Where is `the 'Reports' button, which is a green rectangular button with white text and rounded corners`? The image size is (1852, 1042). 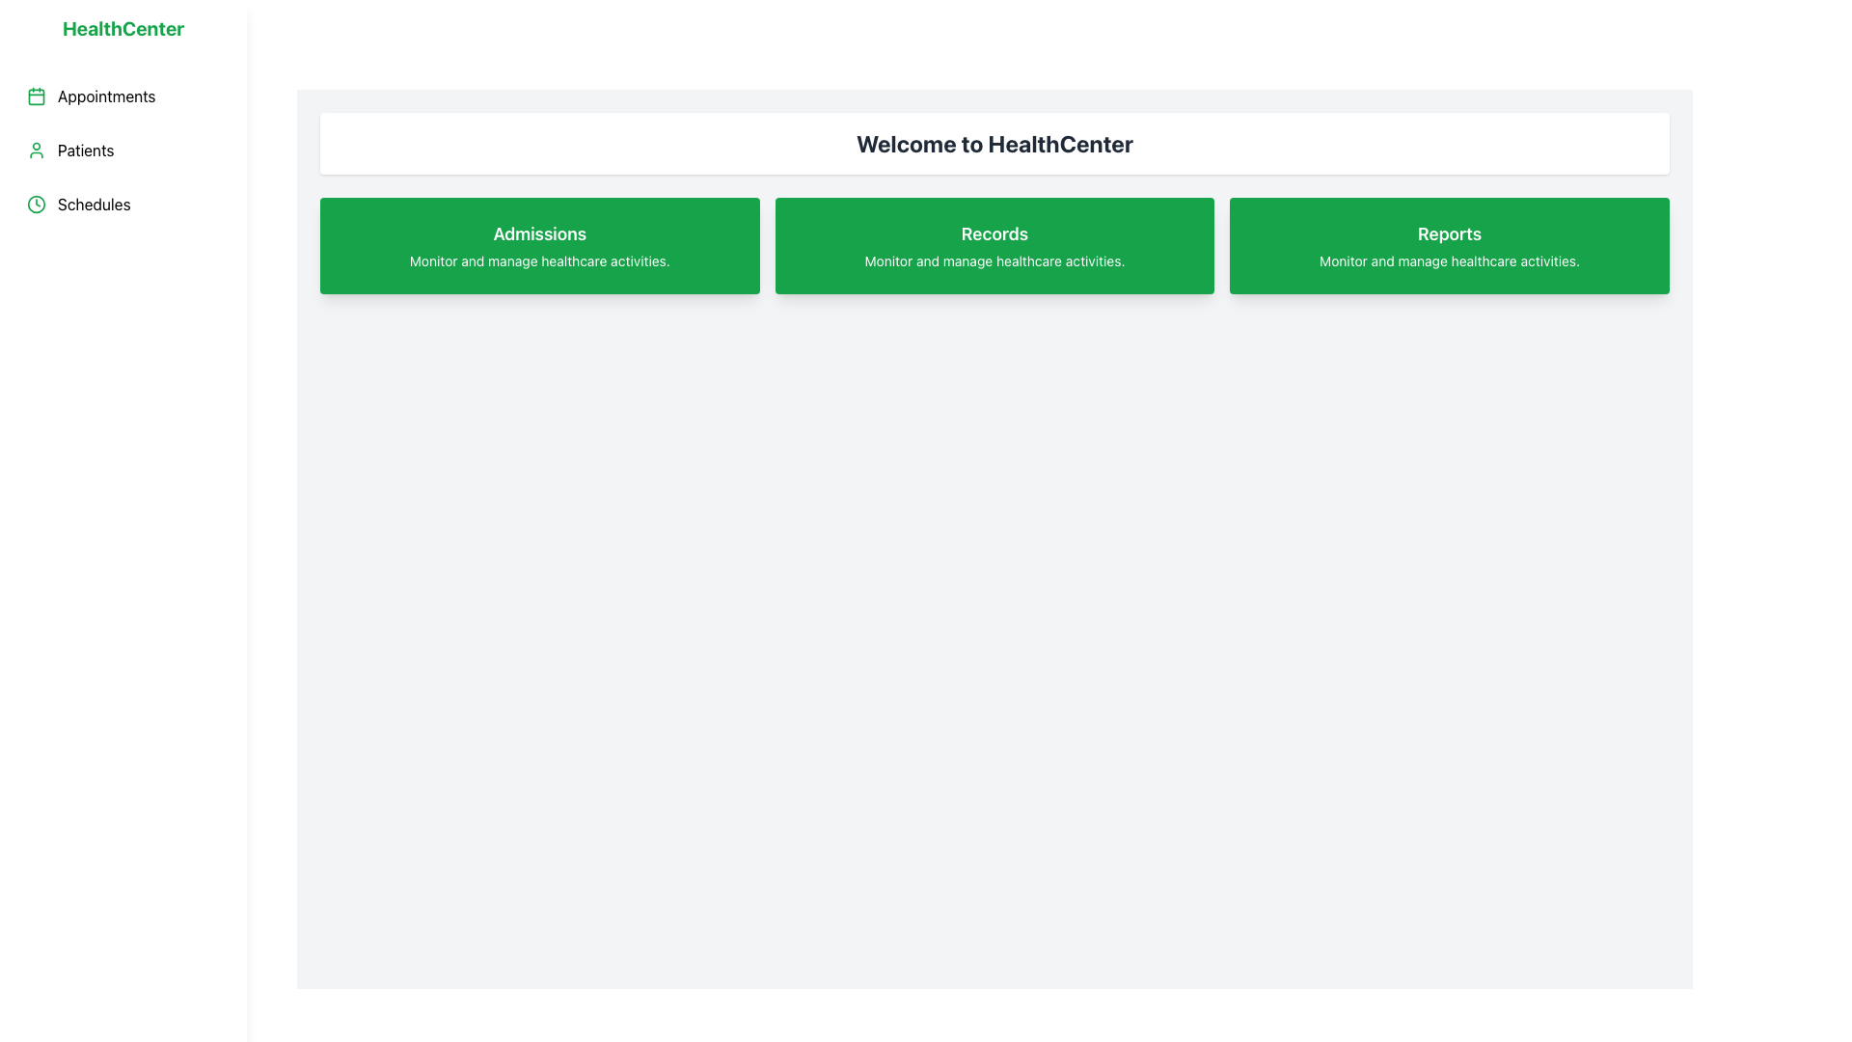
the 'Reports' button, which is a green rectangular button with white text and rounded corners is located at coordinates (1450, 244).